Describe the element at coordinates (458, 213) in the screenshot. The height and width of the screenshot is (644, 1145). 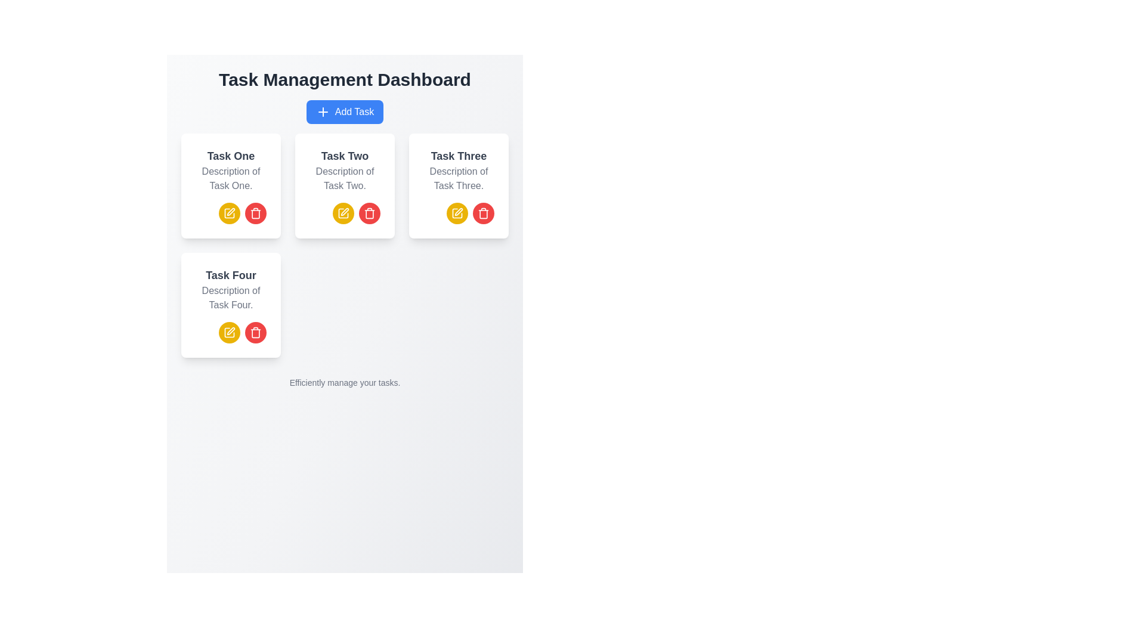
I see `the yellow edit button with a white pen icon located at the bottom right of the 'Task Three' card` at that location.